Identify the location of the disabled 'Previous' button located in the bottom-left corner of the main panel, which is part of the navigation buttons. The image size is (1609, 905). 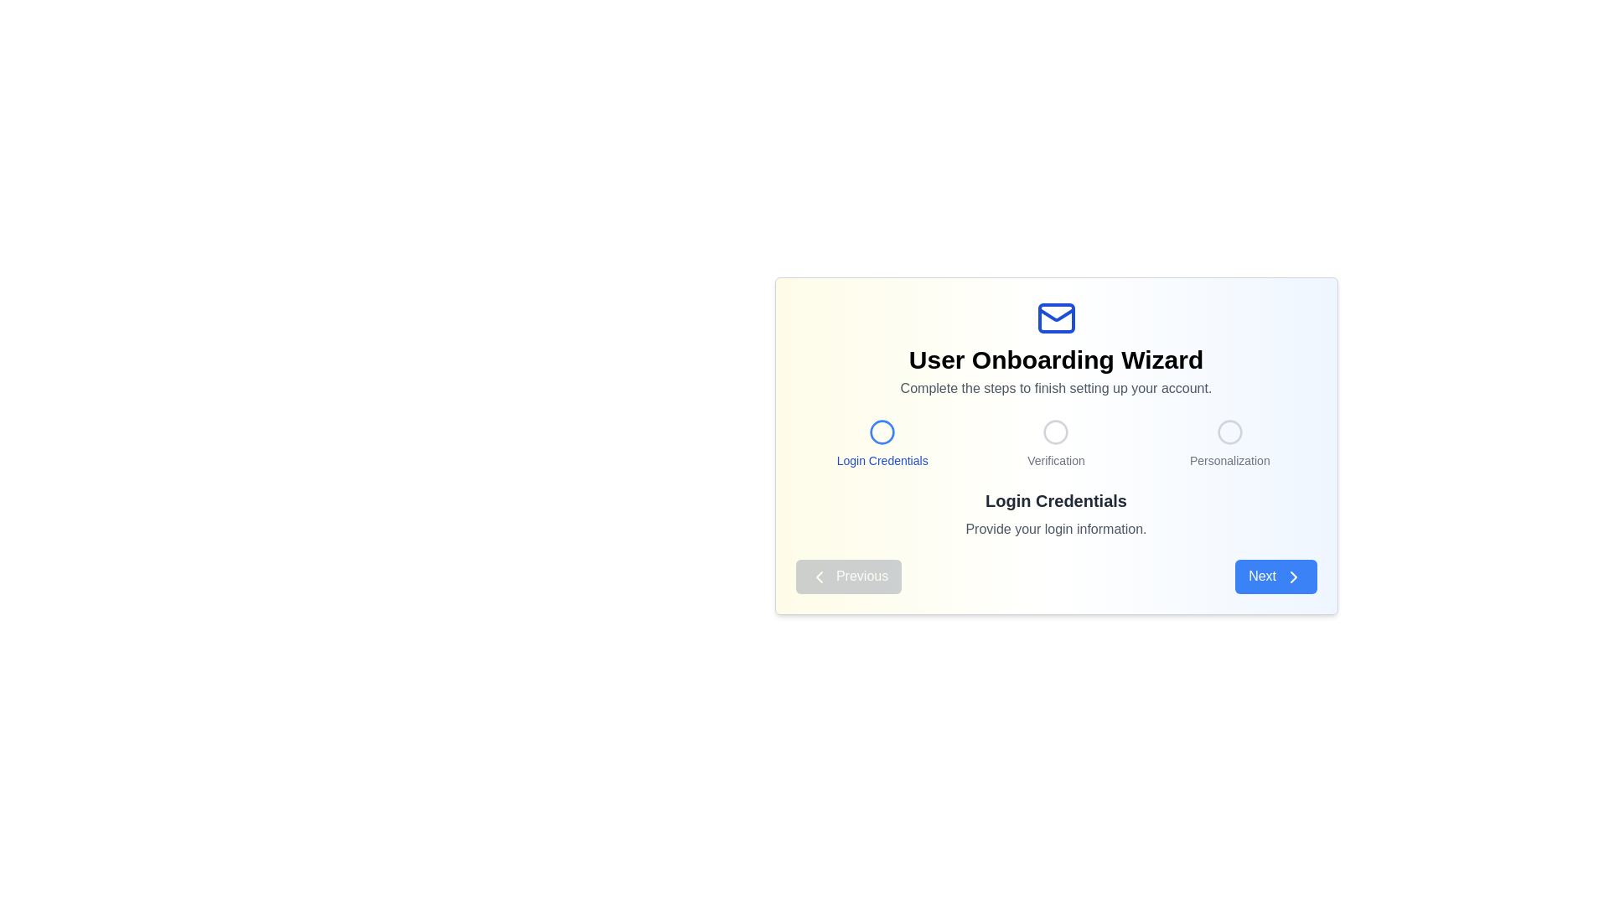
(848, 576).